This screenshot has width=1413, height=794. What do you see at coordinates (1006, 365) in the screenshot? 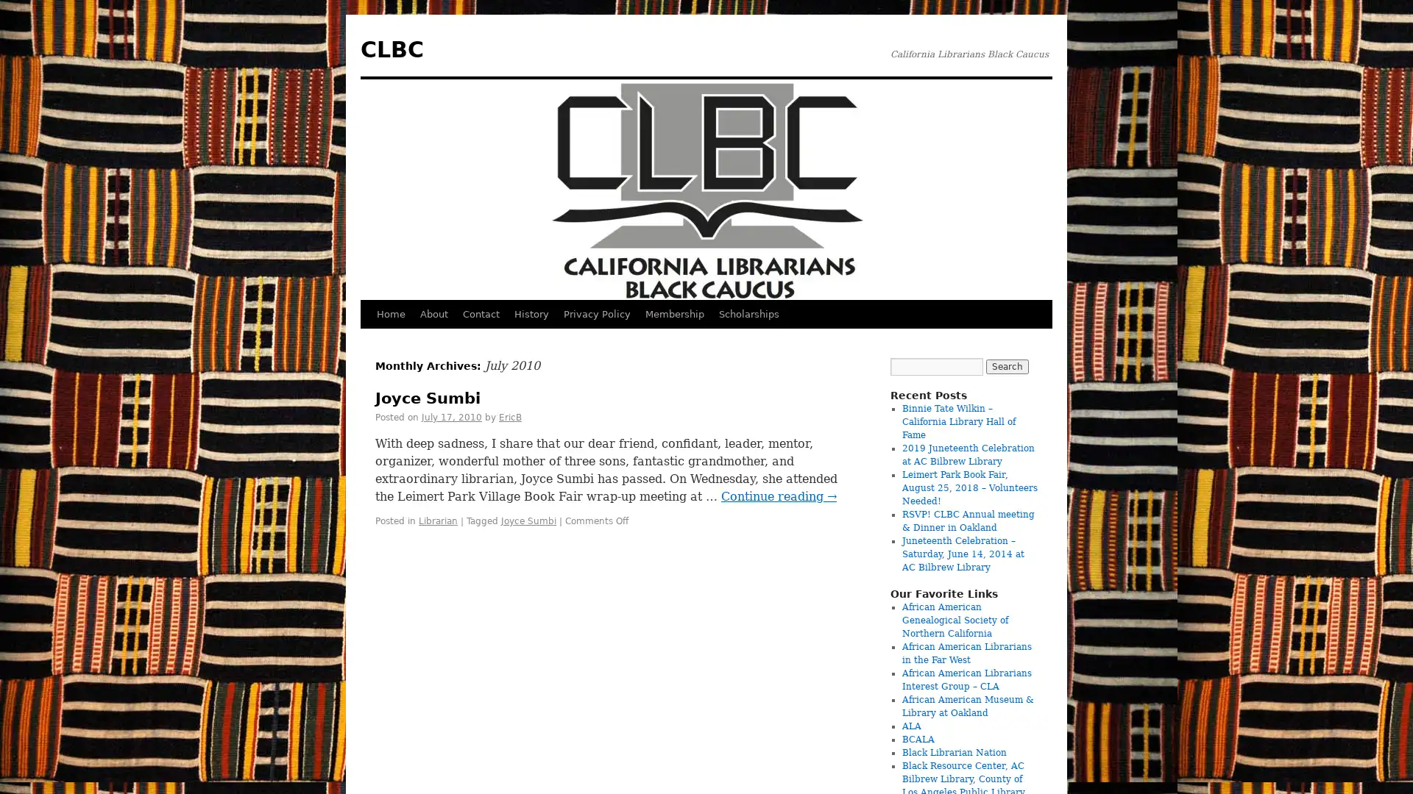
I see `Search` at bounding box center [1006, 365].